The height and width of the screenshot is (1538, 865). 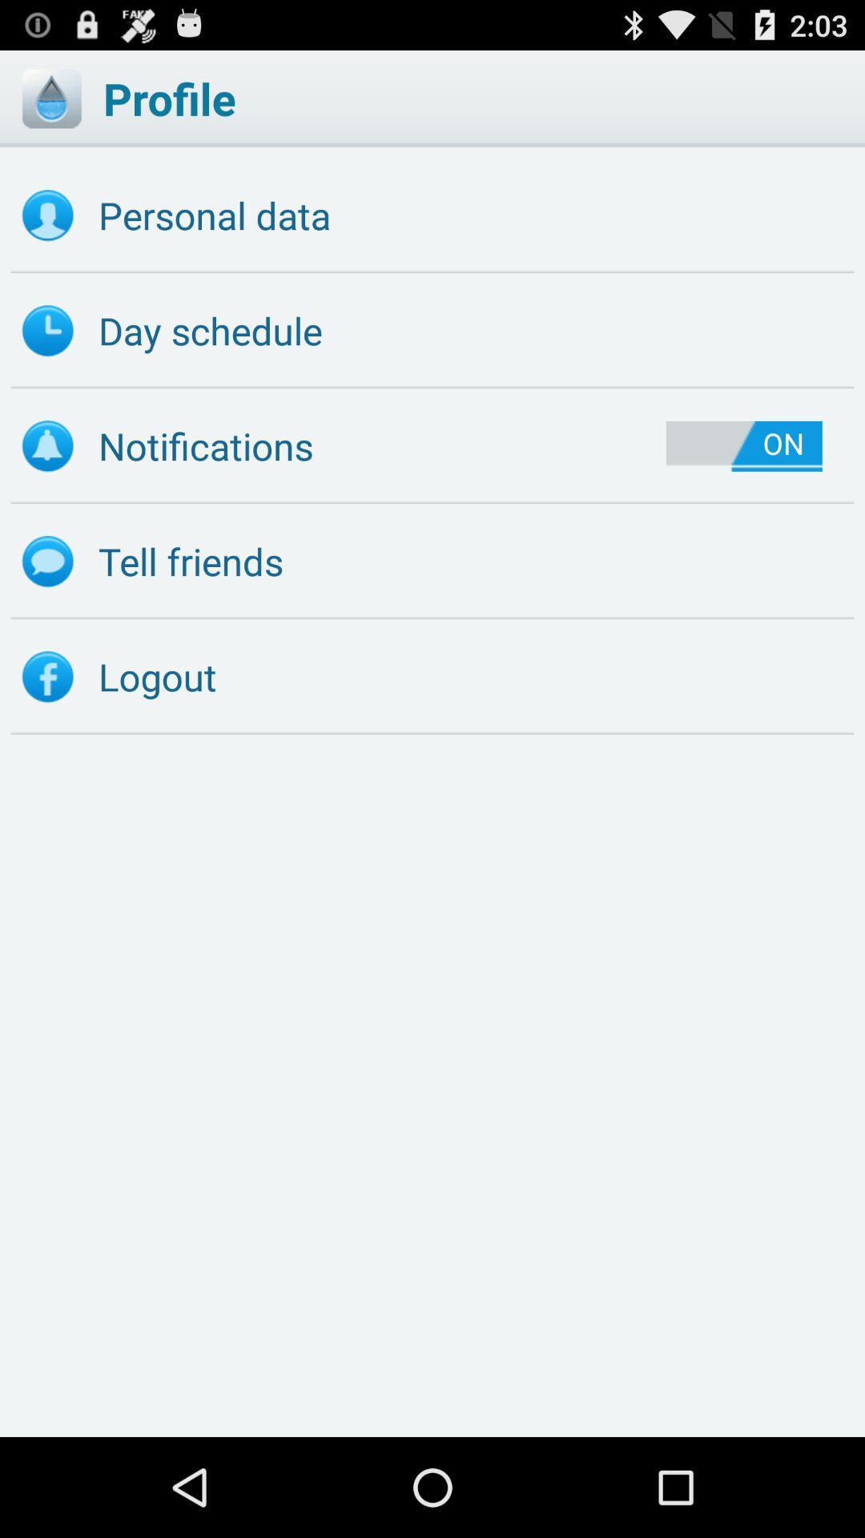 What do you see at coordinates (432, 562) in the screenshot?
I see `tell friends` at bounding box center [432, 562].